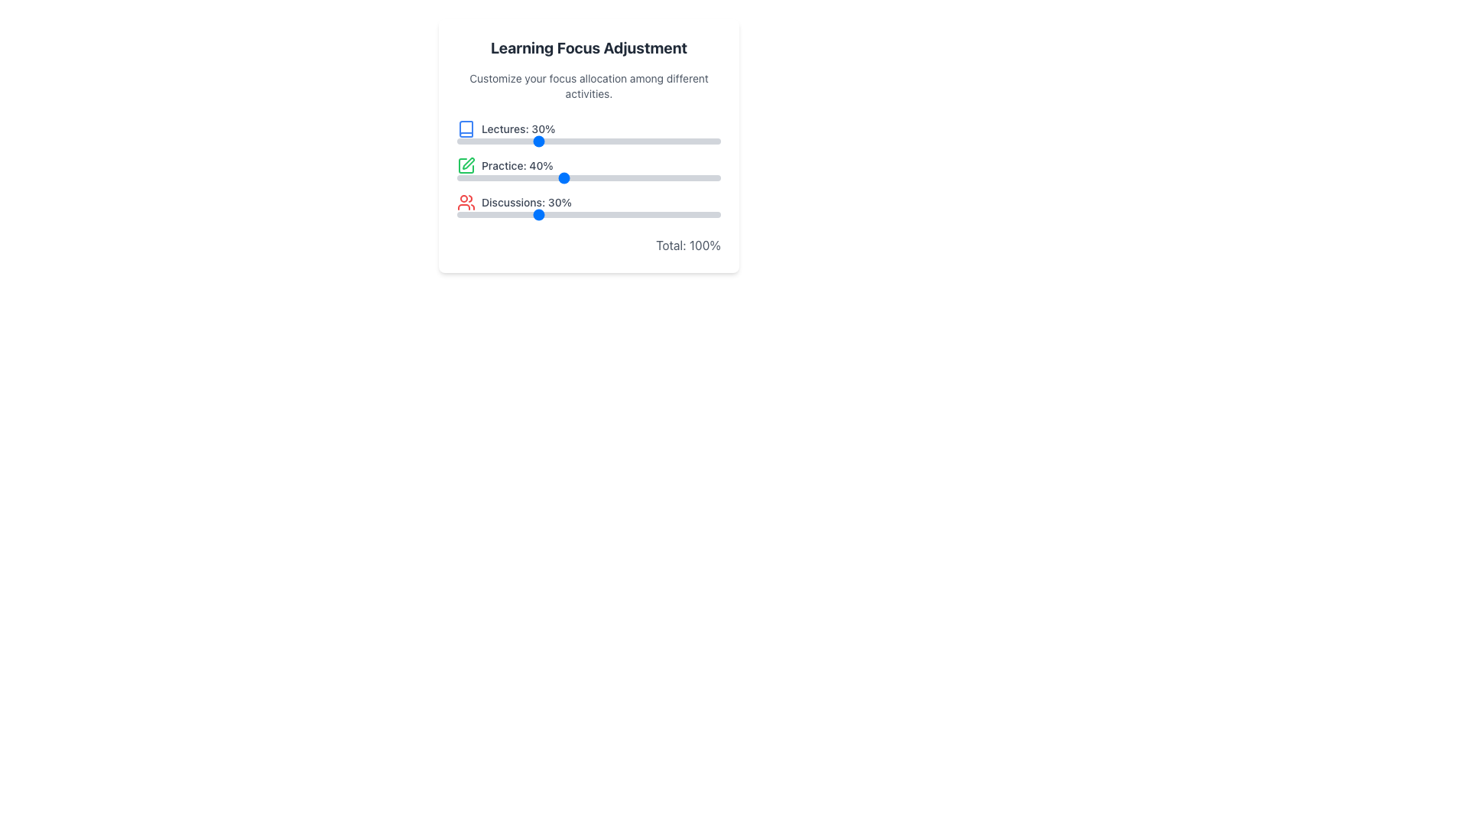  Describe the element at coordinates (588, 168) in the screenshot. I see `the sliders on the Interactive Progress Bars Group` at that location.